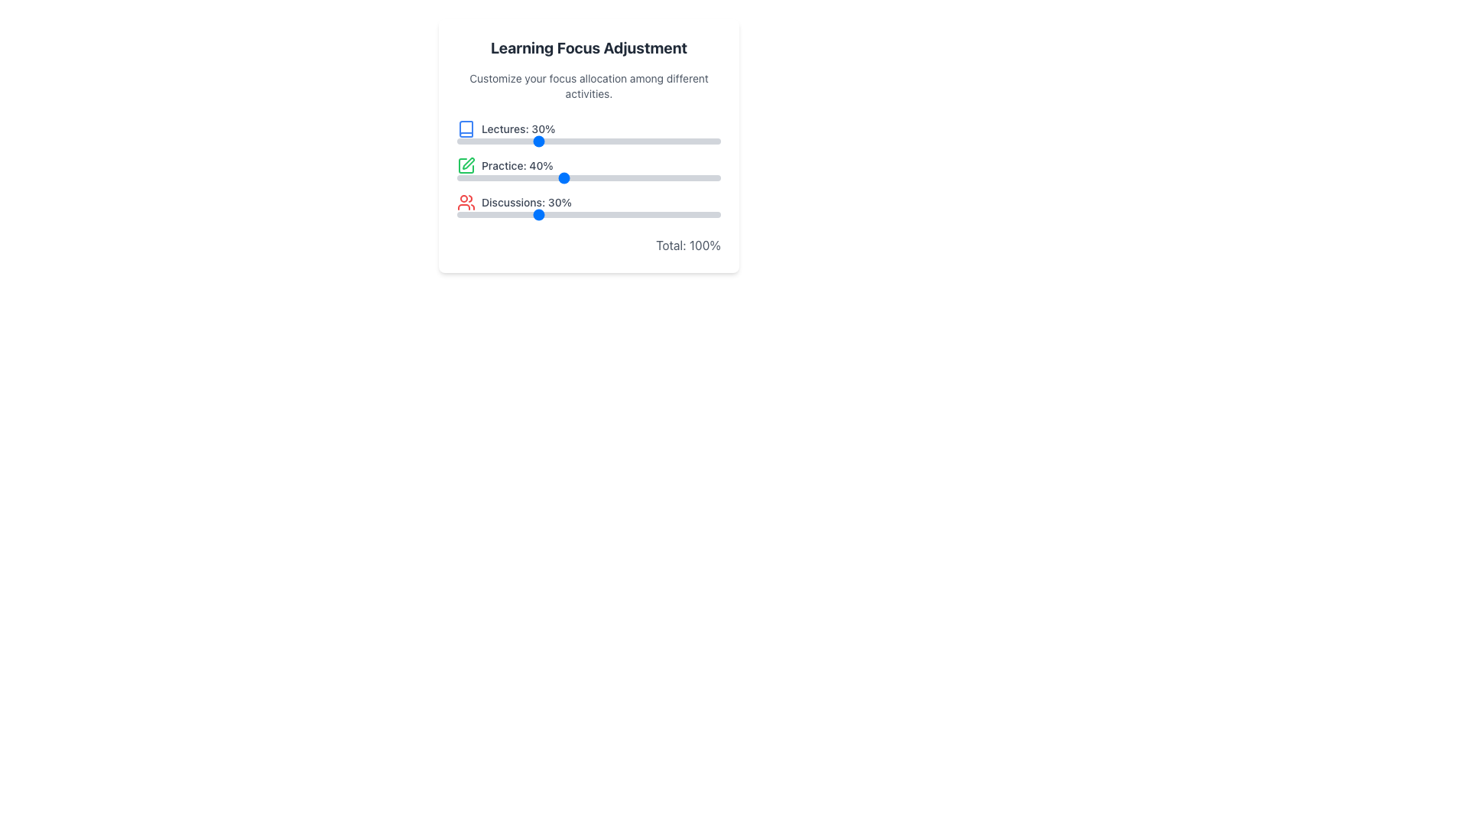  Describe the element at coordinates (588, 168) in the screenshot. I see `the sliders on the Interactive Progress Bars Group` at that location.